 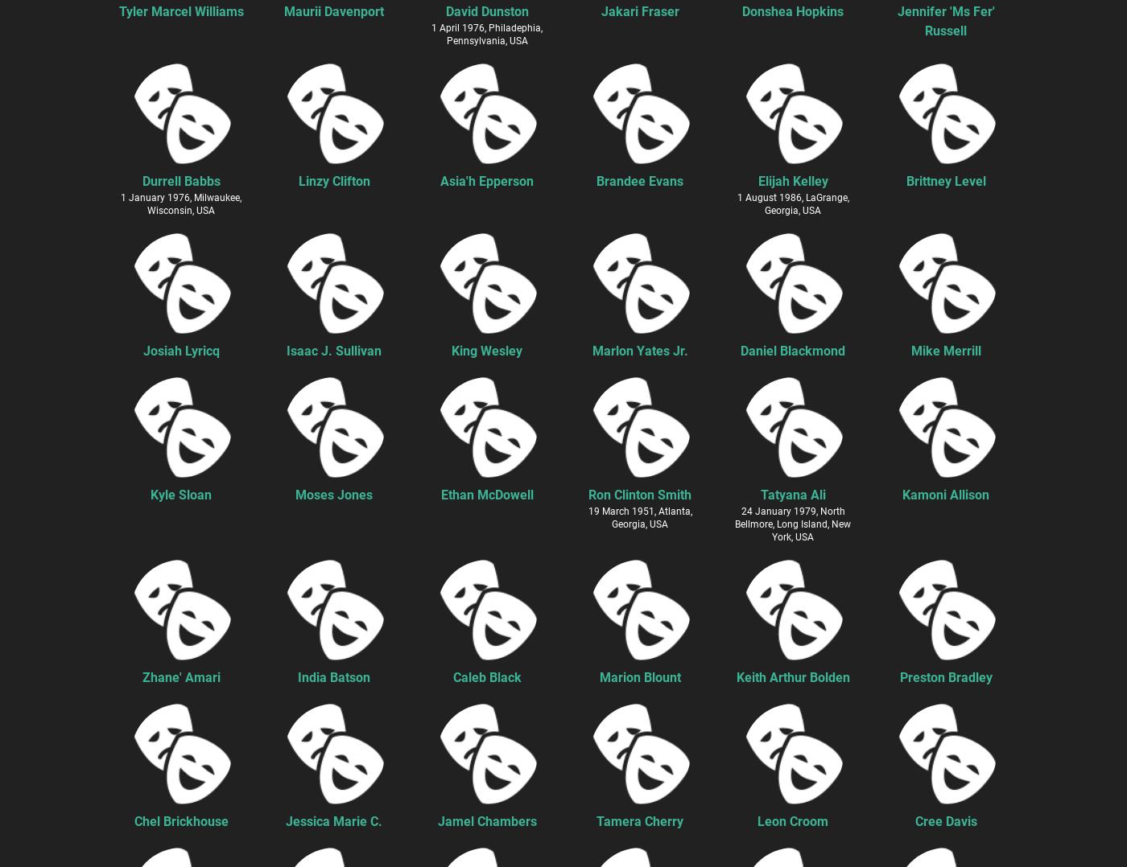 What do you see at coordinates (180, 10) in the screenshot?
I see `'Tyler Marcel Williams'` at bounding box center [180, 10].